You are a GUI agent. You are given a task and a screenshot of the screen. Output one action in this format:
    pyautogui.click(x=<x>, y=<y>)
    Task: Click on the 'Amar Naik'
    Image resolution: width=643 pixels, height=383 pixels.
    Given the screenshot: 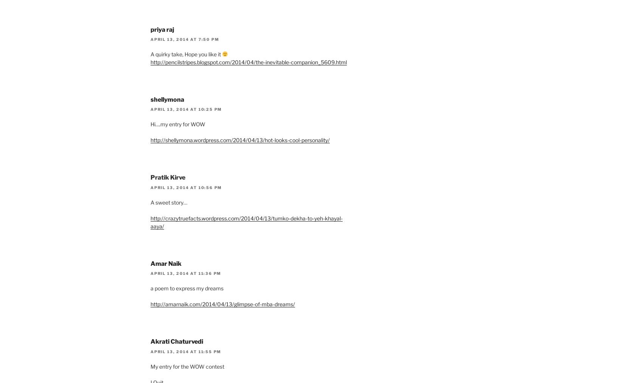 What is the action you would take?
    pyautogui.click(x=166, y=263)
    